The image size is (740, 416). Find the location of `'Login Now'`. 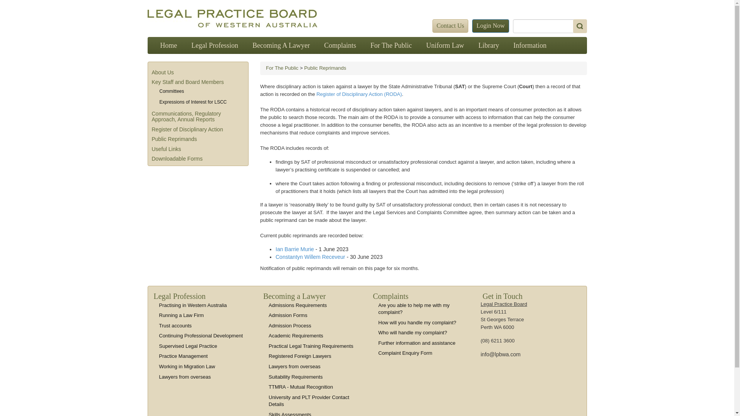

'Login Now' is located at coordinates (471, 25).